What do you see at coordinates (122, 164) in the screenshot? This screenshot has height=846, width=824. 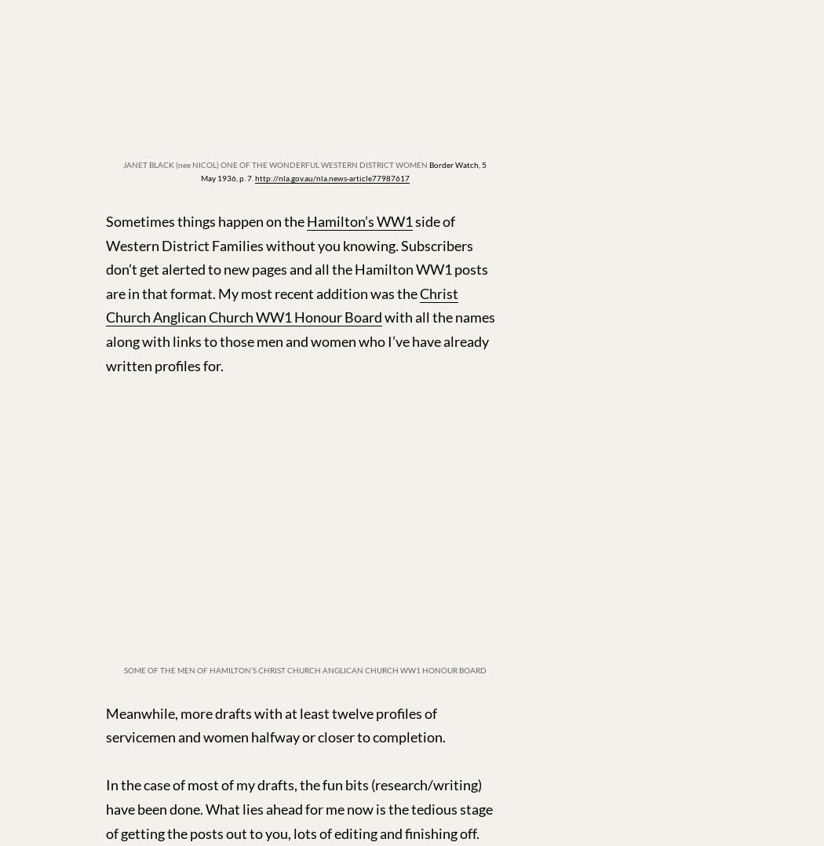 I see `'JANET BLACK (nee NICOL) ONE OF THE WONDERFUL WESTERN DISTRICT WOMEN'` at bounding box center [122, 164].